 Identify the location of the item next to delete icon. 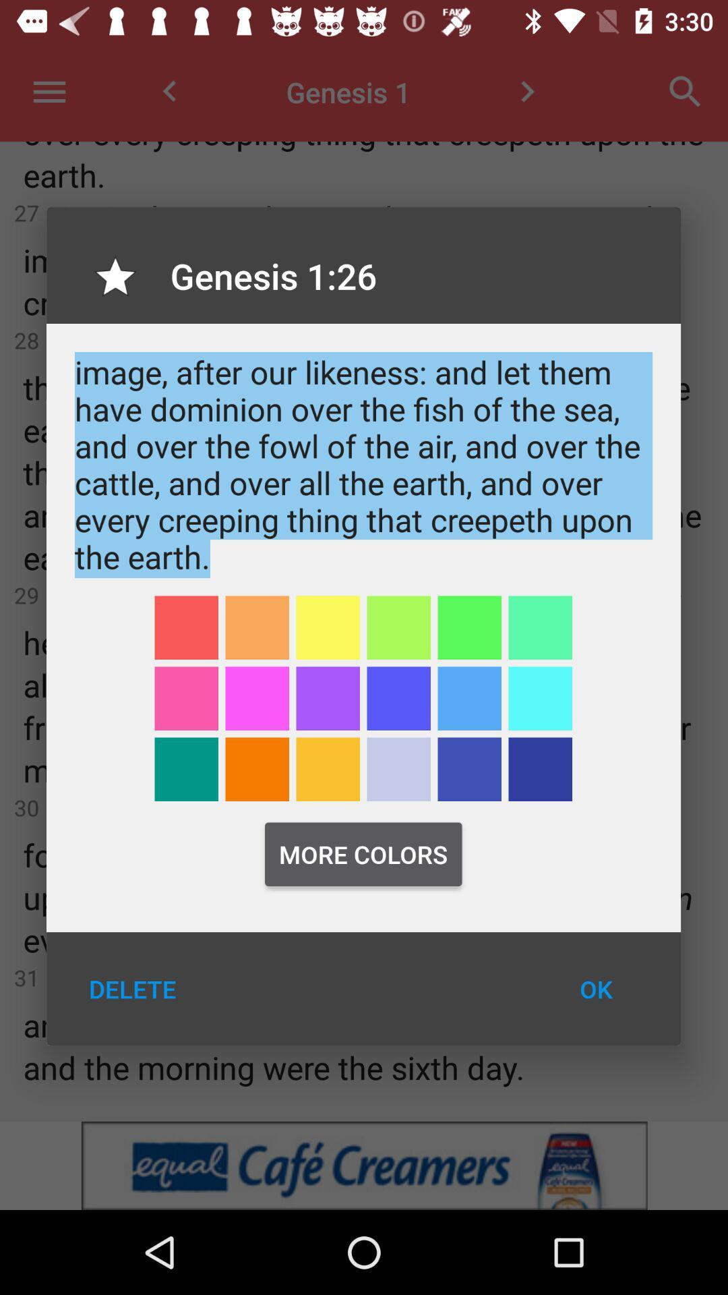
(595, 989).